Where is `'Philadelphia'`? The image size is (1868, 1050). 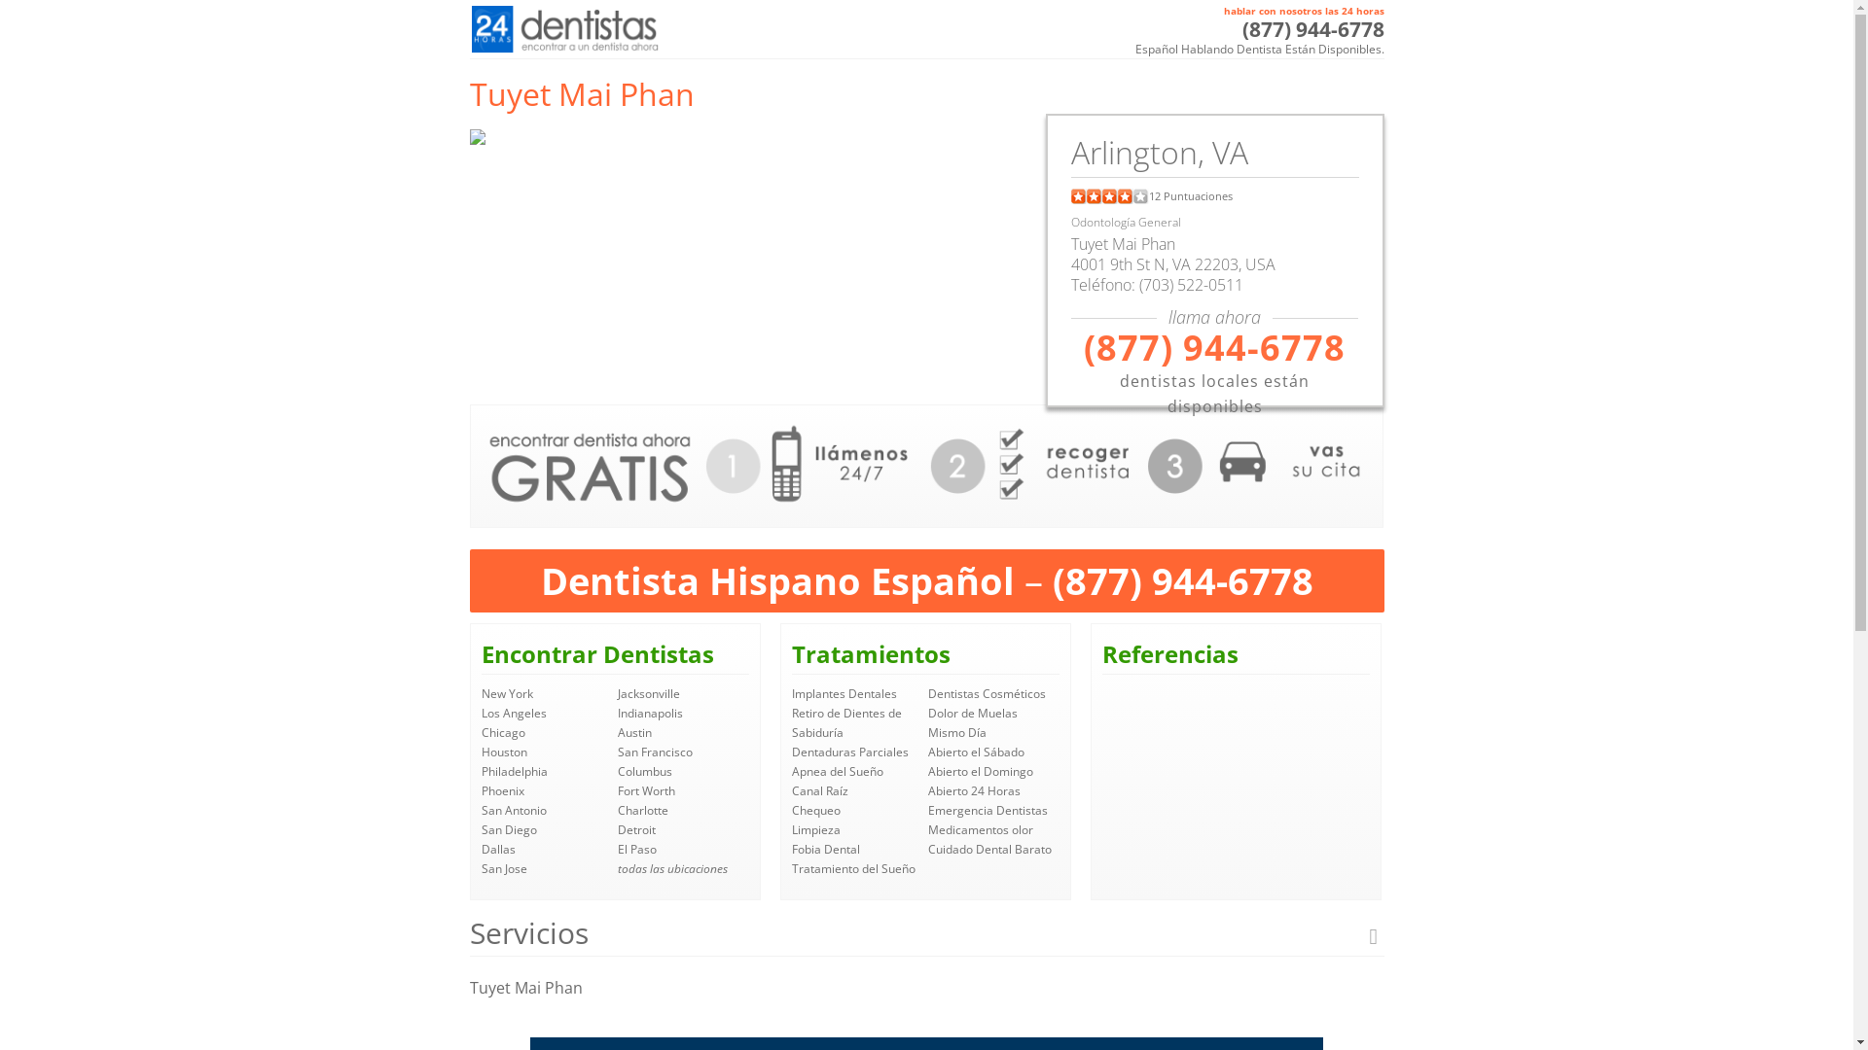
'Philadelphia' is located at coordinates (481, 770).